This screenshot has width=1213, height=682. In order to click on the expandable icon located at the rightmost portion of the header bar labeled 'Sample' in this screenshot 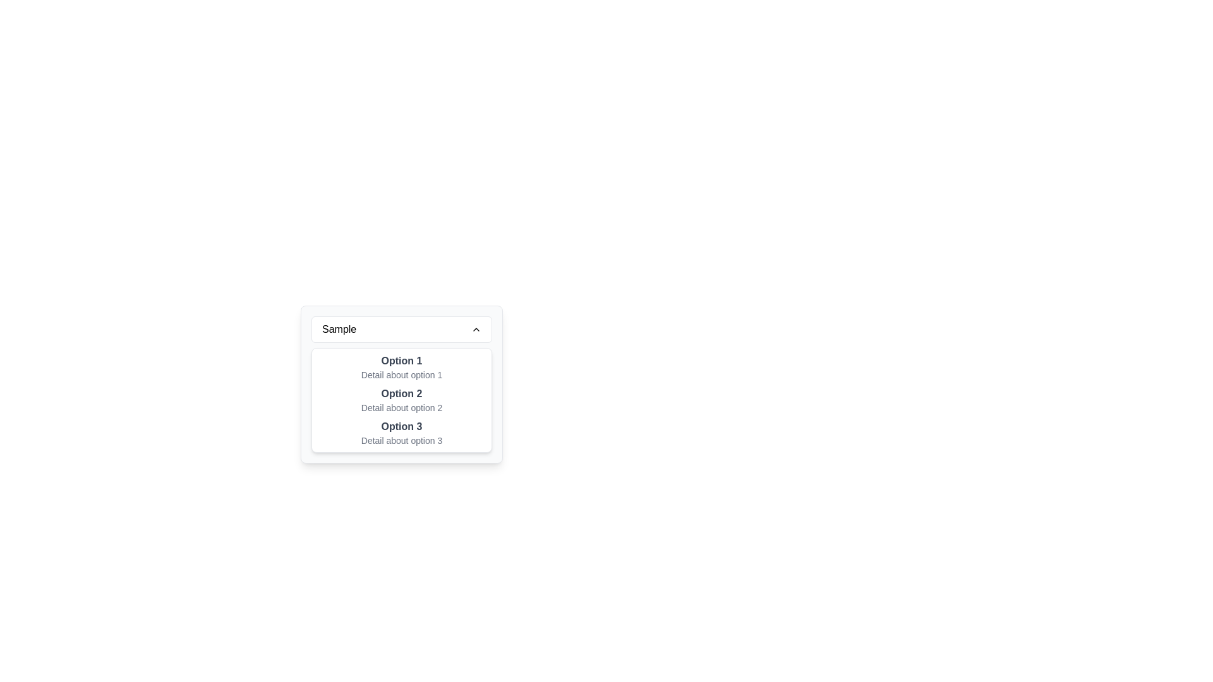, I will do `click(475, 328)`.